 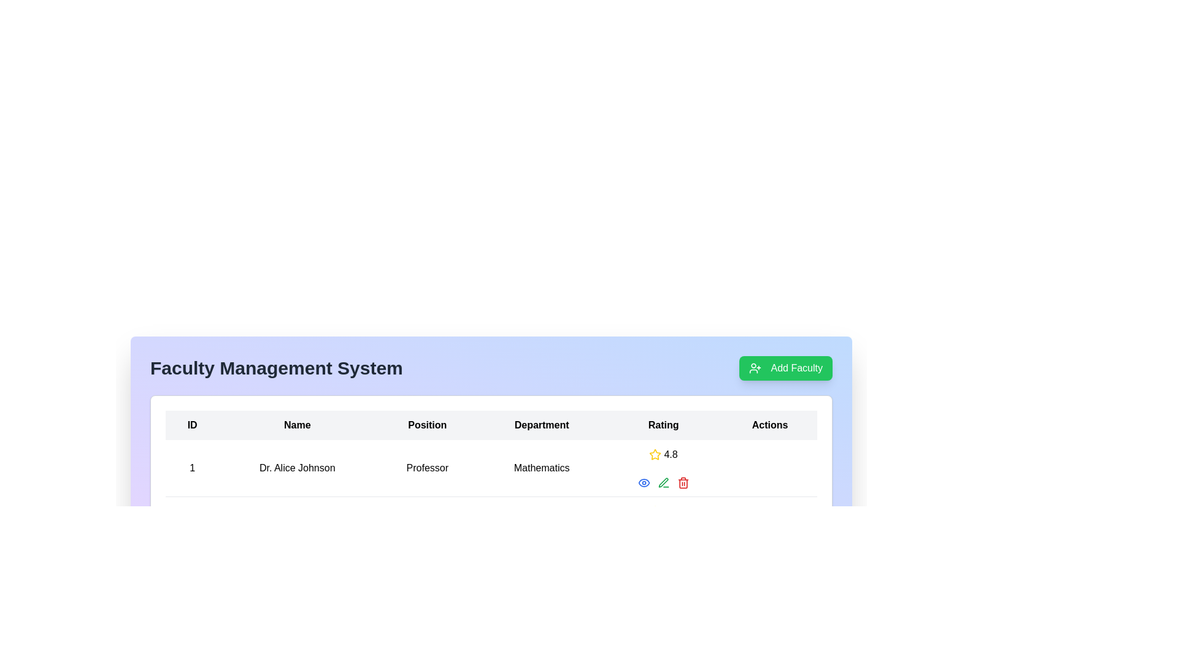 What do you see at coordinates (663, 482) in the screenshot?
I see `the Icon button in the 'Actions' column for 'Dr. Alice Johnson' to change its color` at bounding box center [663, 482].